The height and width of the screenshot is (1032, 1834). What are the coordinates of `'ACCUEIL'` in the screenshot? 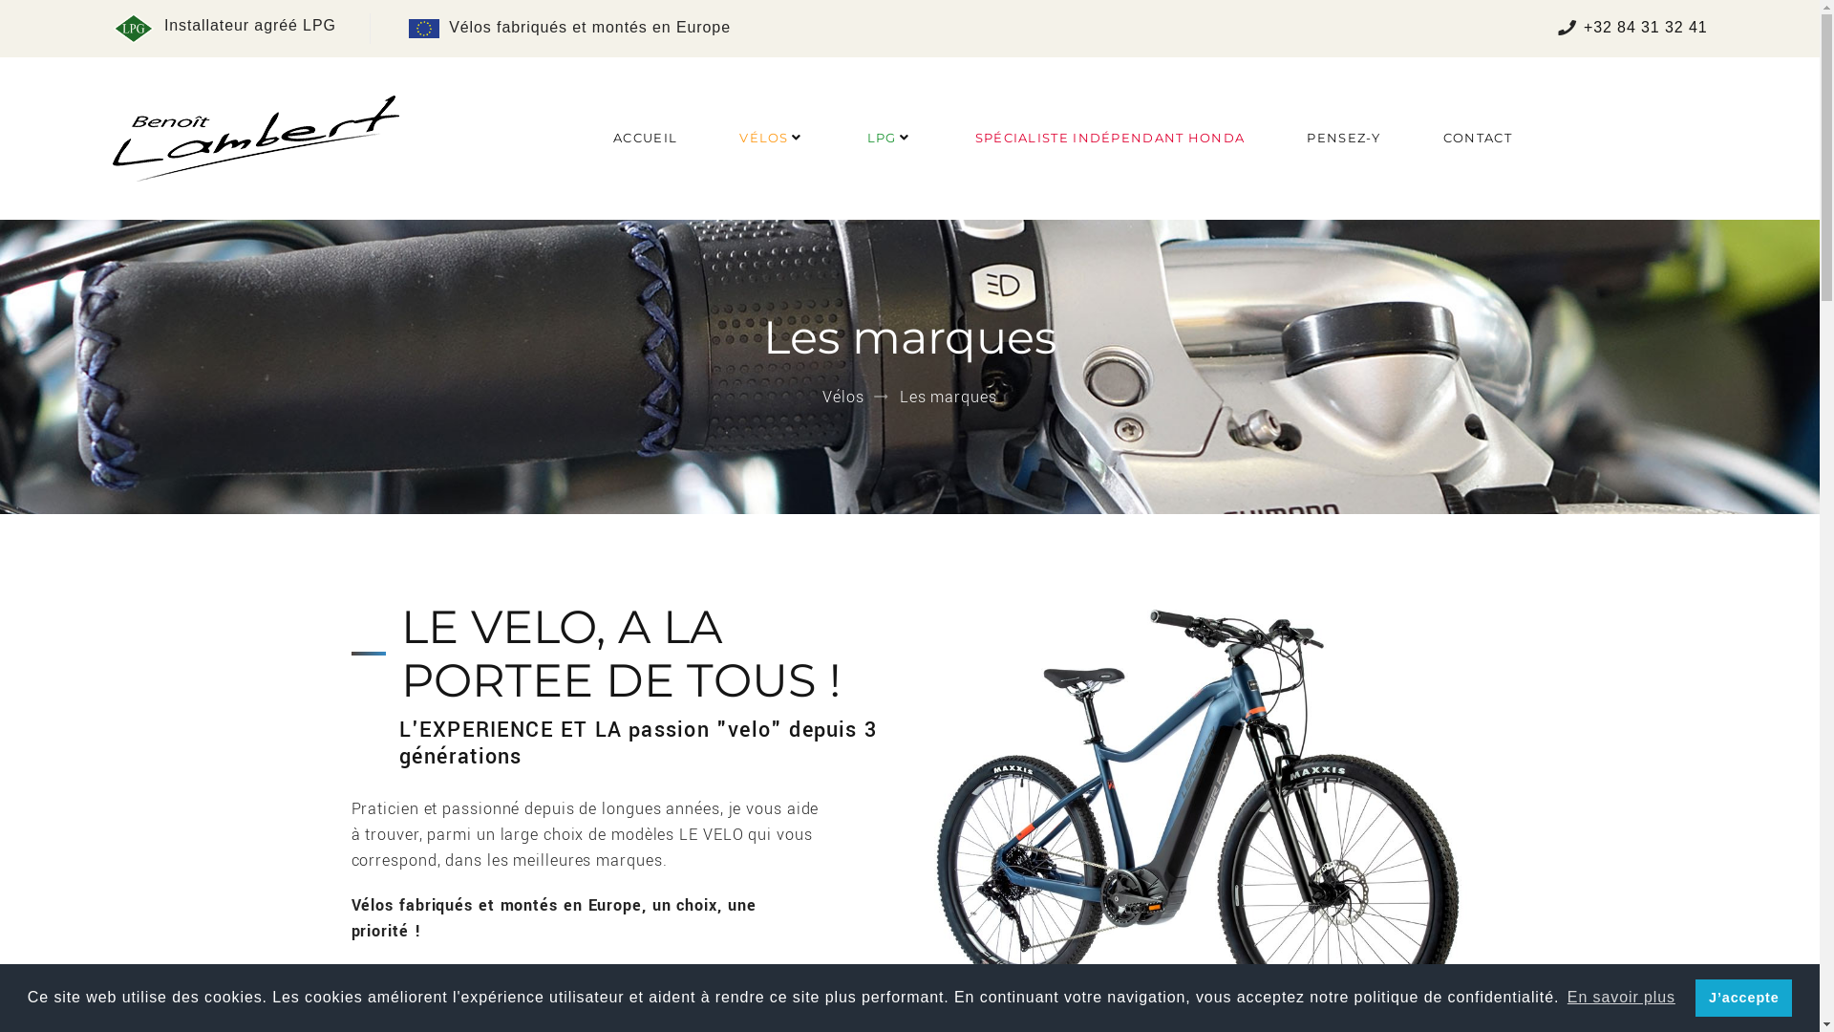 It's located at (645, 136).